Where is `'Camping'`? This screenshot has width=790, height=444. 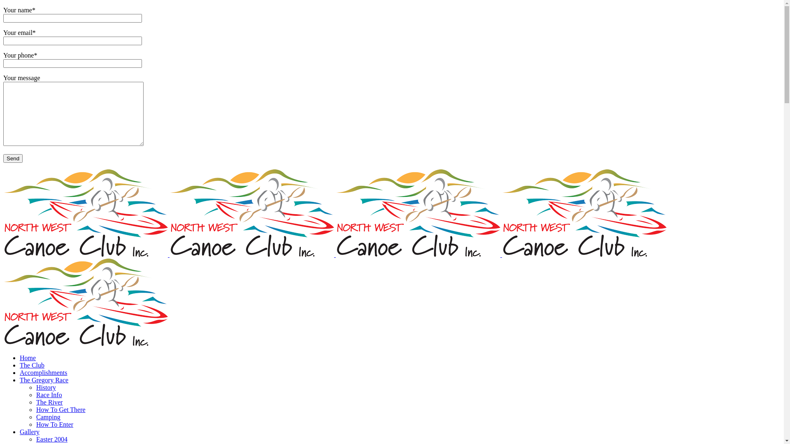
'Camping' is located at coordinates (48, 417).